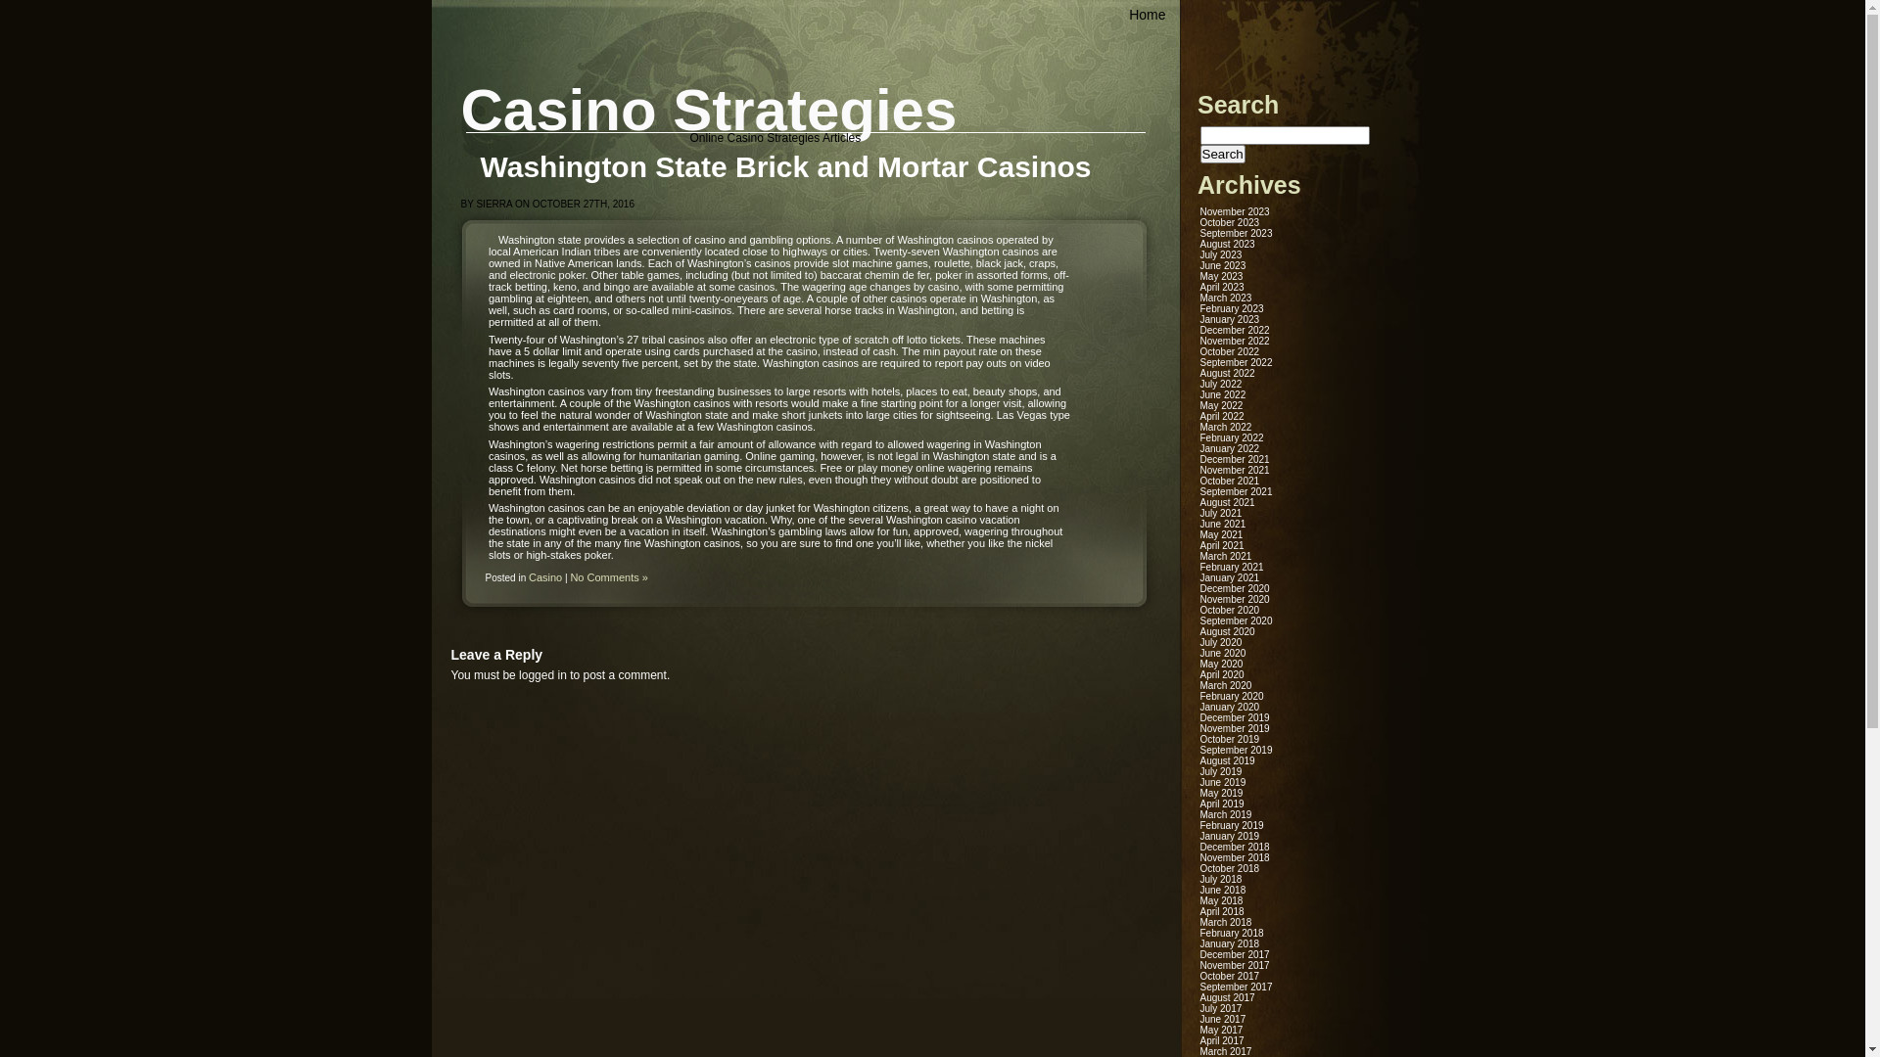 The width and height of the screenshot is (1880, 1057). What do you see at coordinates (1221, 804) in the screenshot?
I see `'April 2019'` at bounding box center [1221, 804].